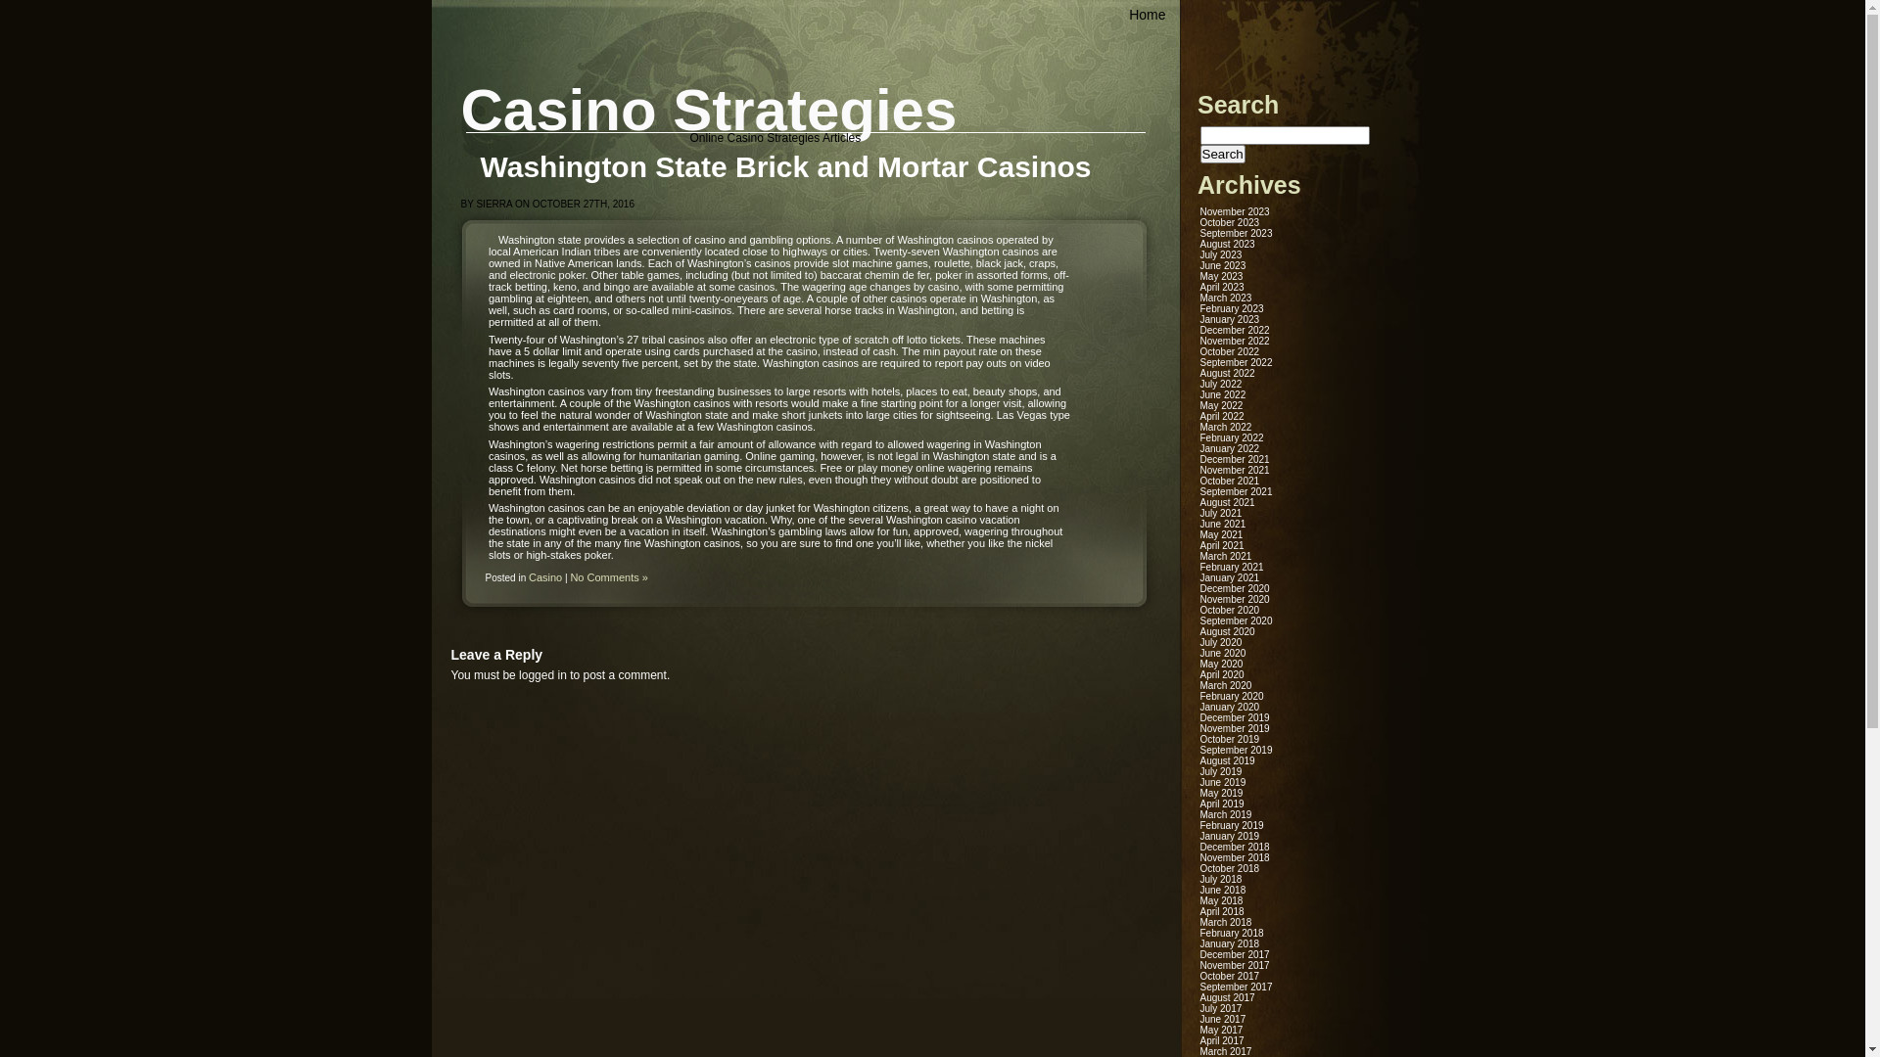 The width and height of the screenshot is (1880, 1057). What do you see at coordinates (1221, 804) in the screenshot?
I see `'April 2019'` at bounding box center [1221, 804].